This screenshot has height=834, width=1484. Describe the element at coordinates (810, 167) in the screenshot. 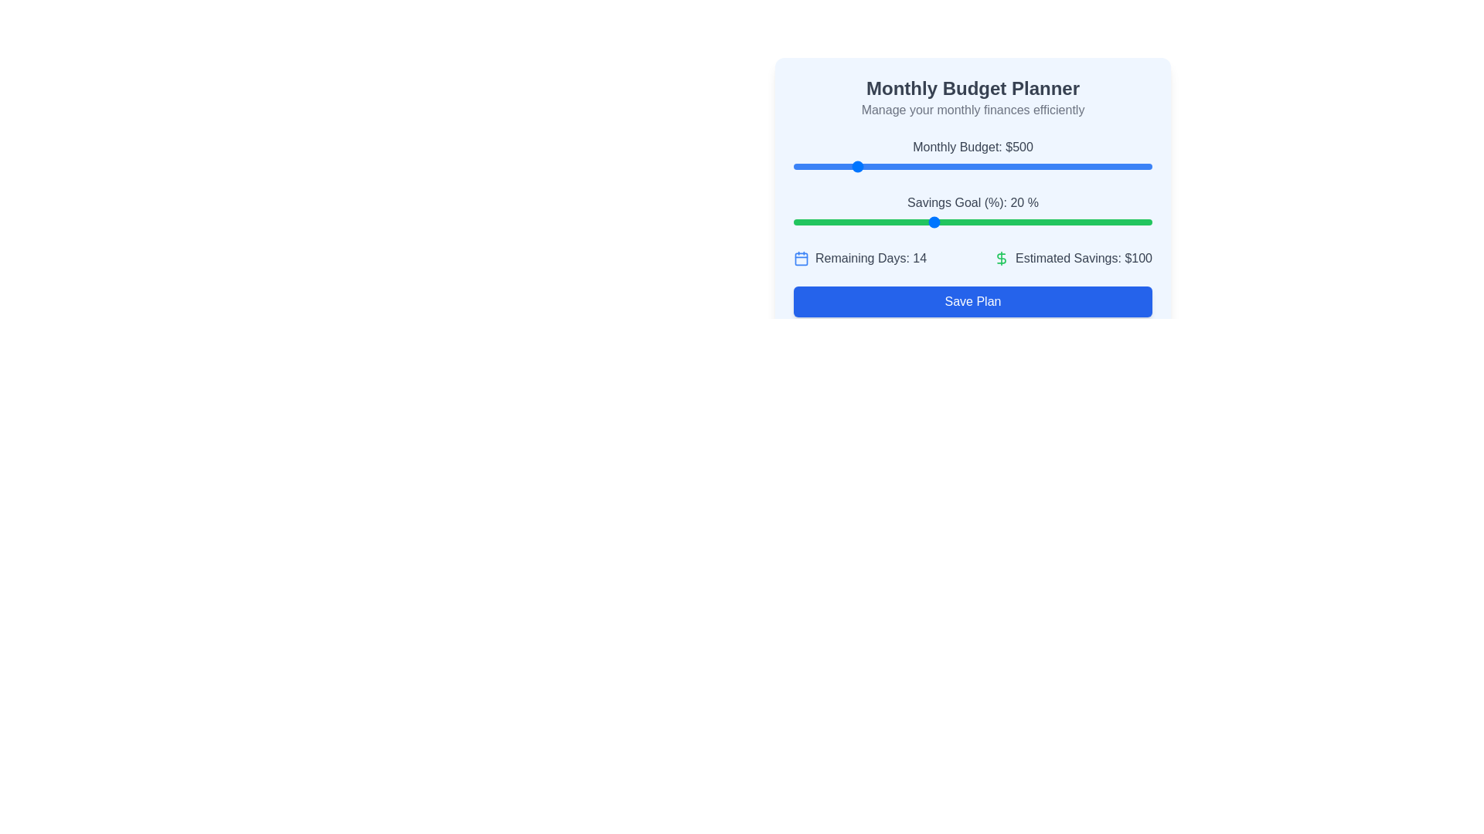

I see `the budget` at that location.